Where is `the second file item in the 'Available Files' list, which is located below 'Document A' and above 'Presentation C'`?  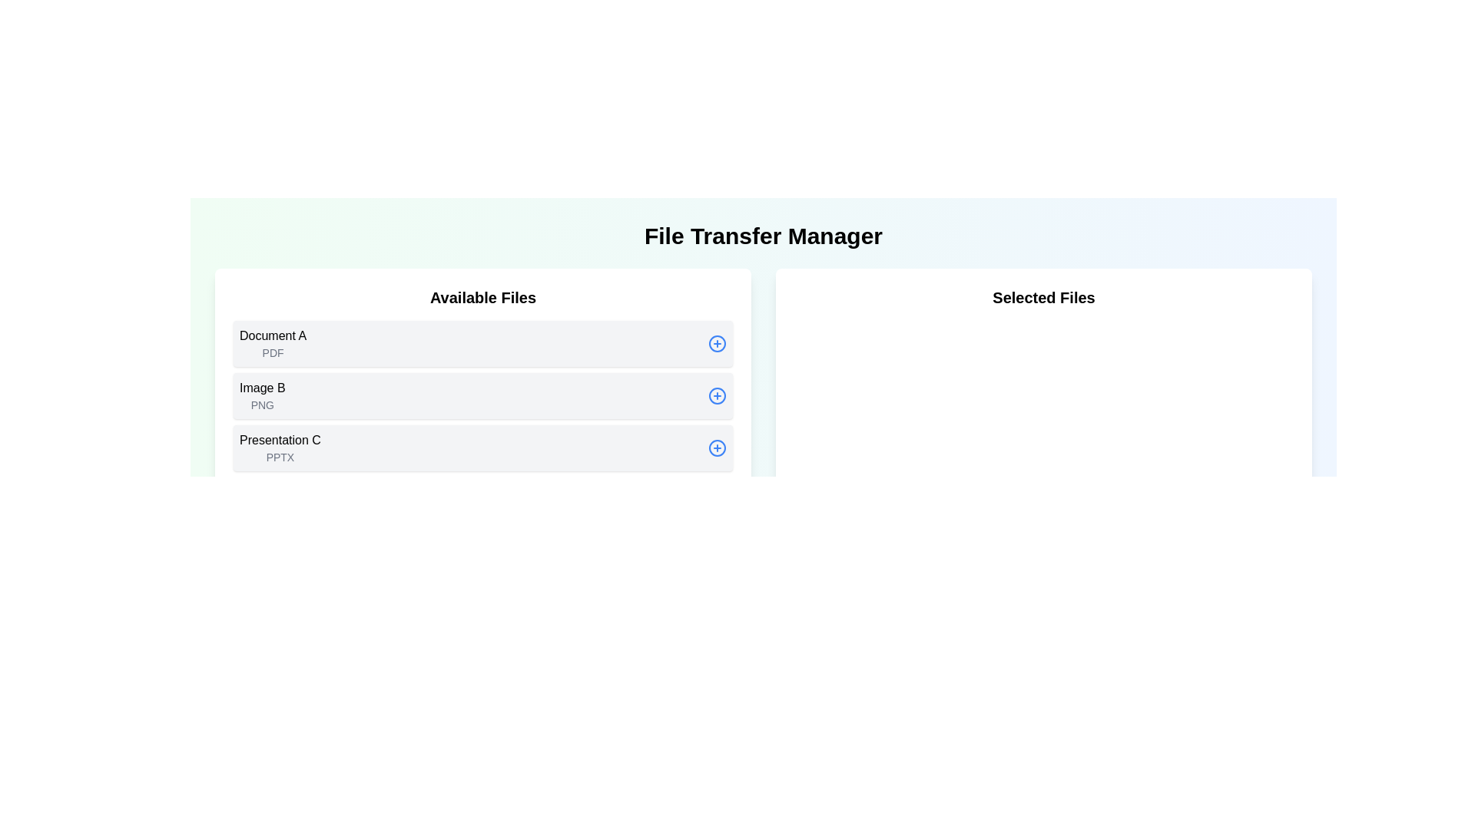
the second file item in the 'Available Files' list, which is located below 'Document A' and above 'Presentation C' is located at coordinates (482, 395).